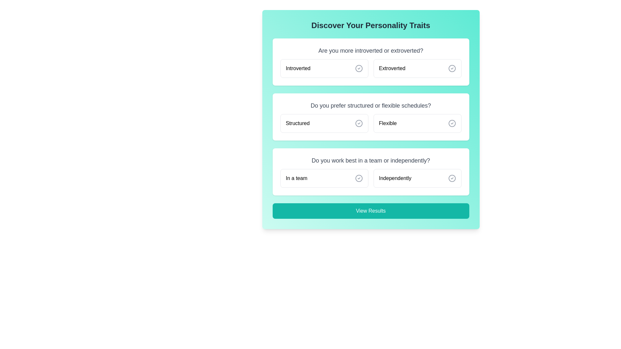 The width and height of the screenshot is (621, 349). I want to click on text label that asks 'Do you work best in a team or independently?' positioned above the options in the third question group of the questionnaire, so click(371, 160).